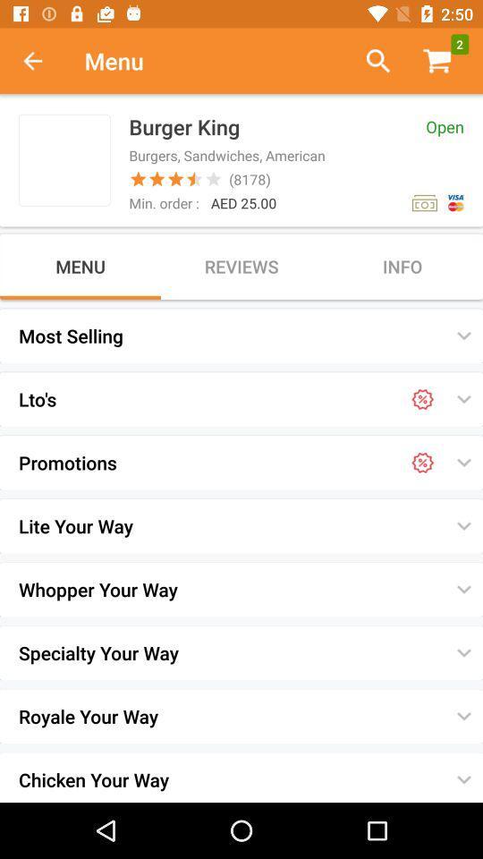  I want to click on search menu, so click(370, 61).